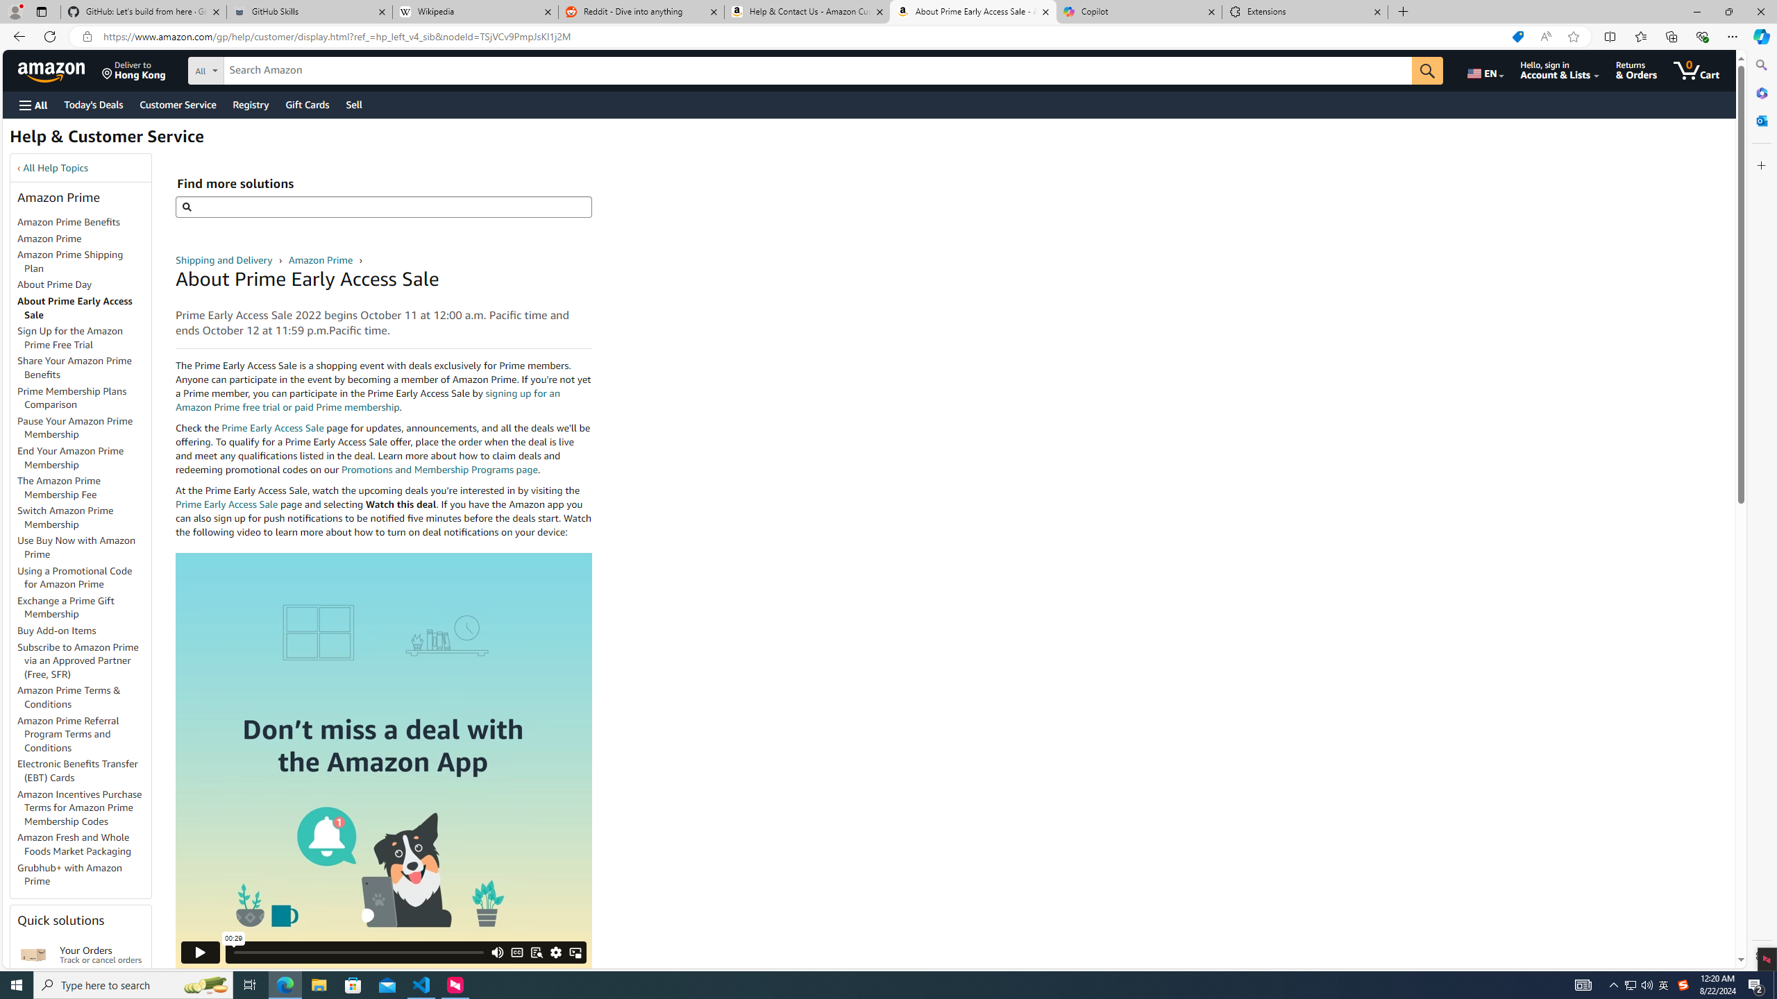  What do you see at coordinates (54, 284) in the screenshot?
I see `'About Prime Day'` at bounding box center [54, 284].